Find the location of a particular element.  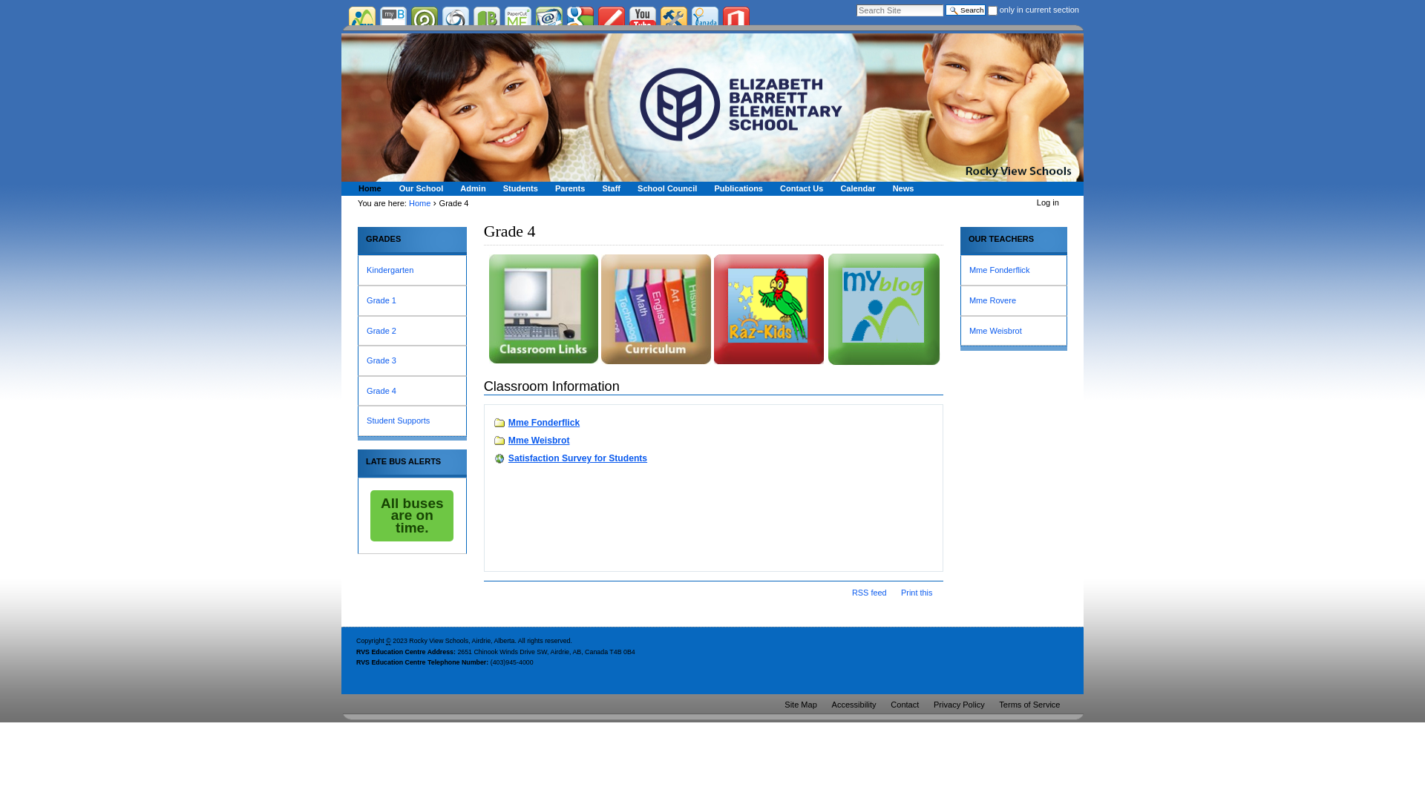

'Staff' is located at coordinates (609, 188).